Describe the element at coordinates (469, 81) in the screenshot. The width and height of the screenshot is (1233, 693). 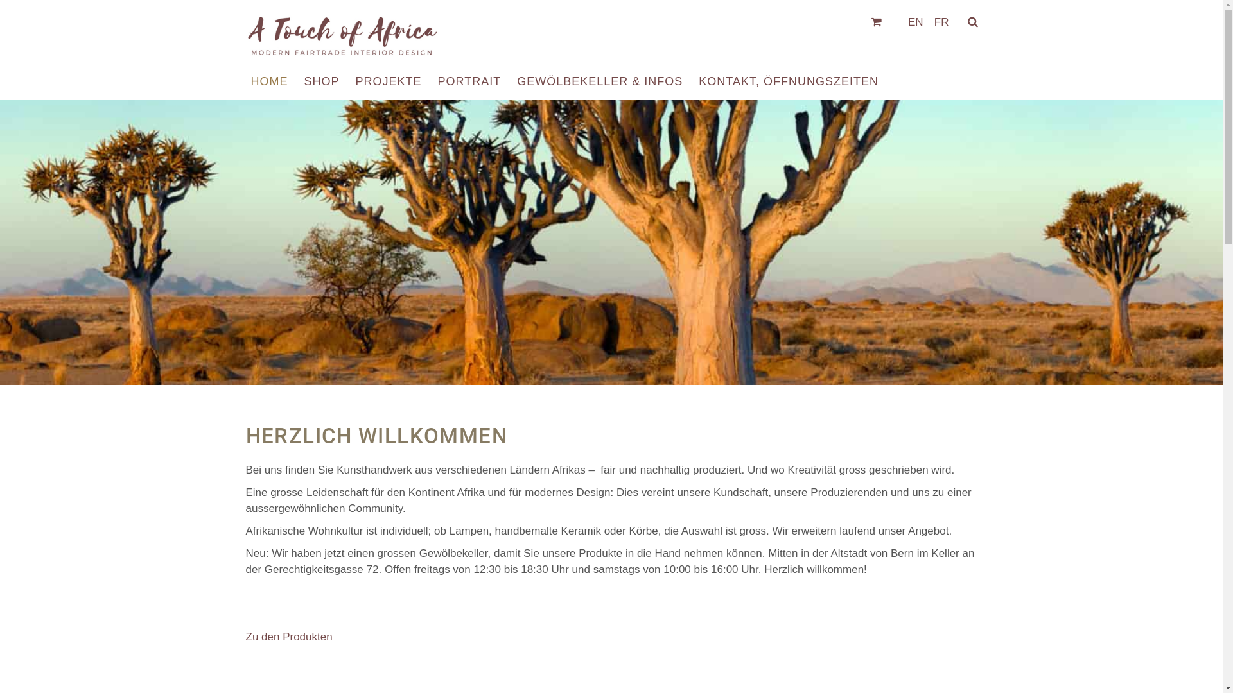
I see `'PORTRAIT'` at that location.